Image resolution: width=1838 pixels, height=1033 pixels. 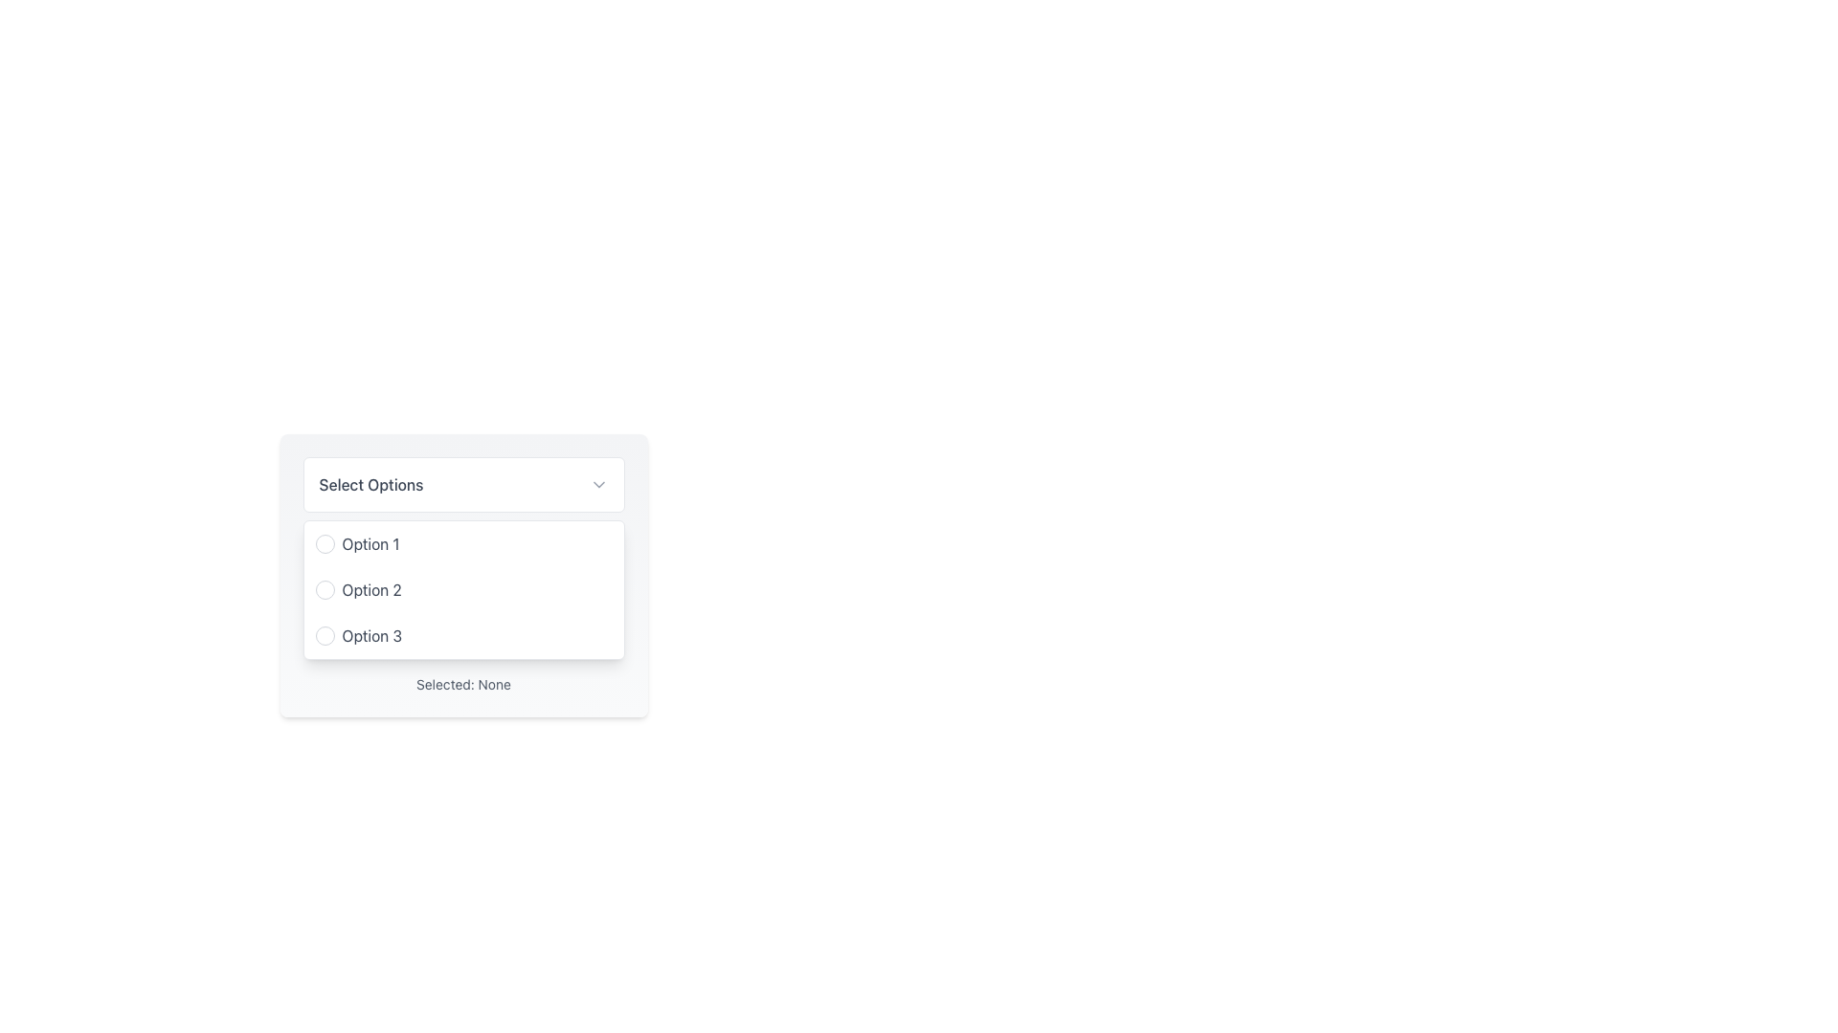 What do you see at coordinates (463, 483) in the screenshot?
I see `the rectangular dropdown button labeled 'Select Options'` at bounding box center [463, 483].